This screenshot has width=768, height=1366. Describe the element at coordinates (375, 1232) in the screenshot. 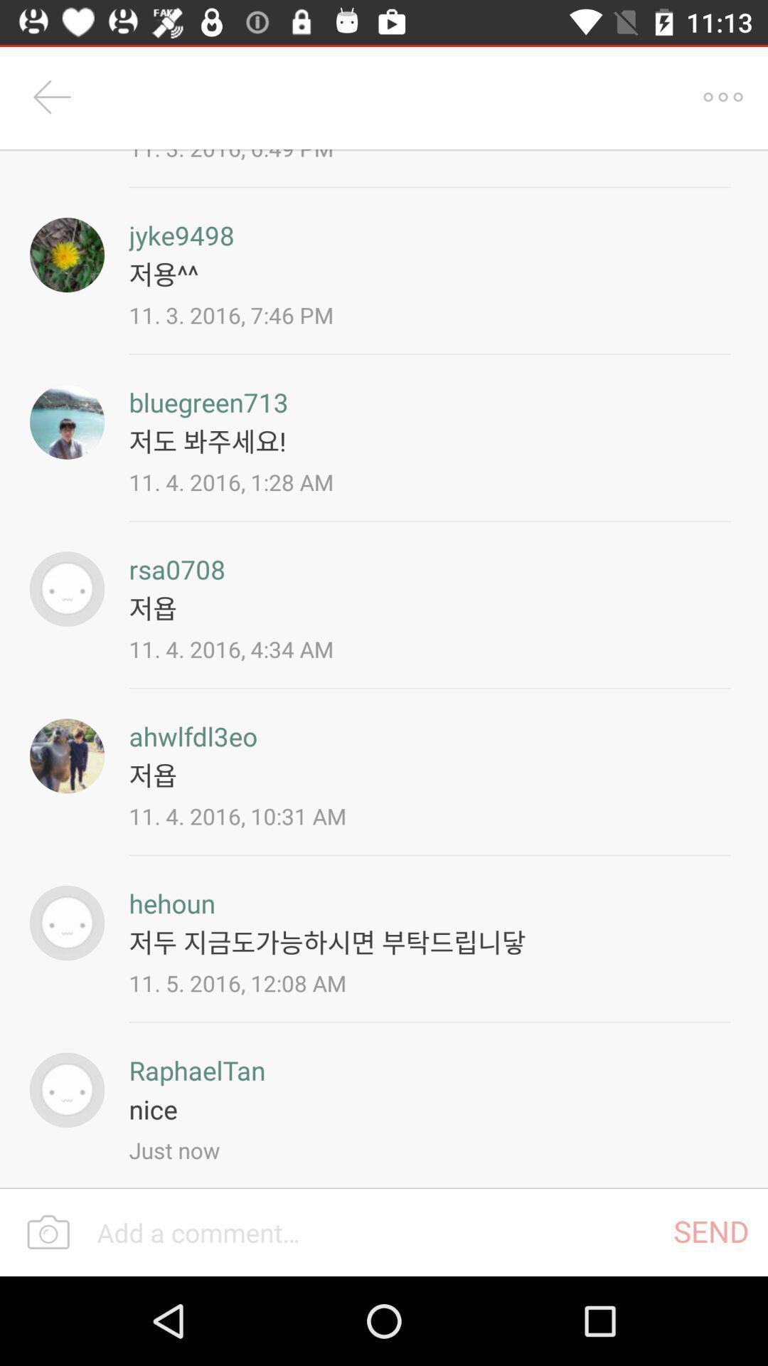

I see `type our comments` at that location.